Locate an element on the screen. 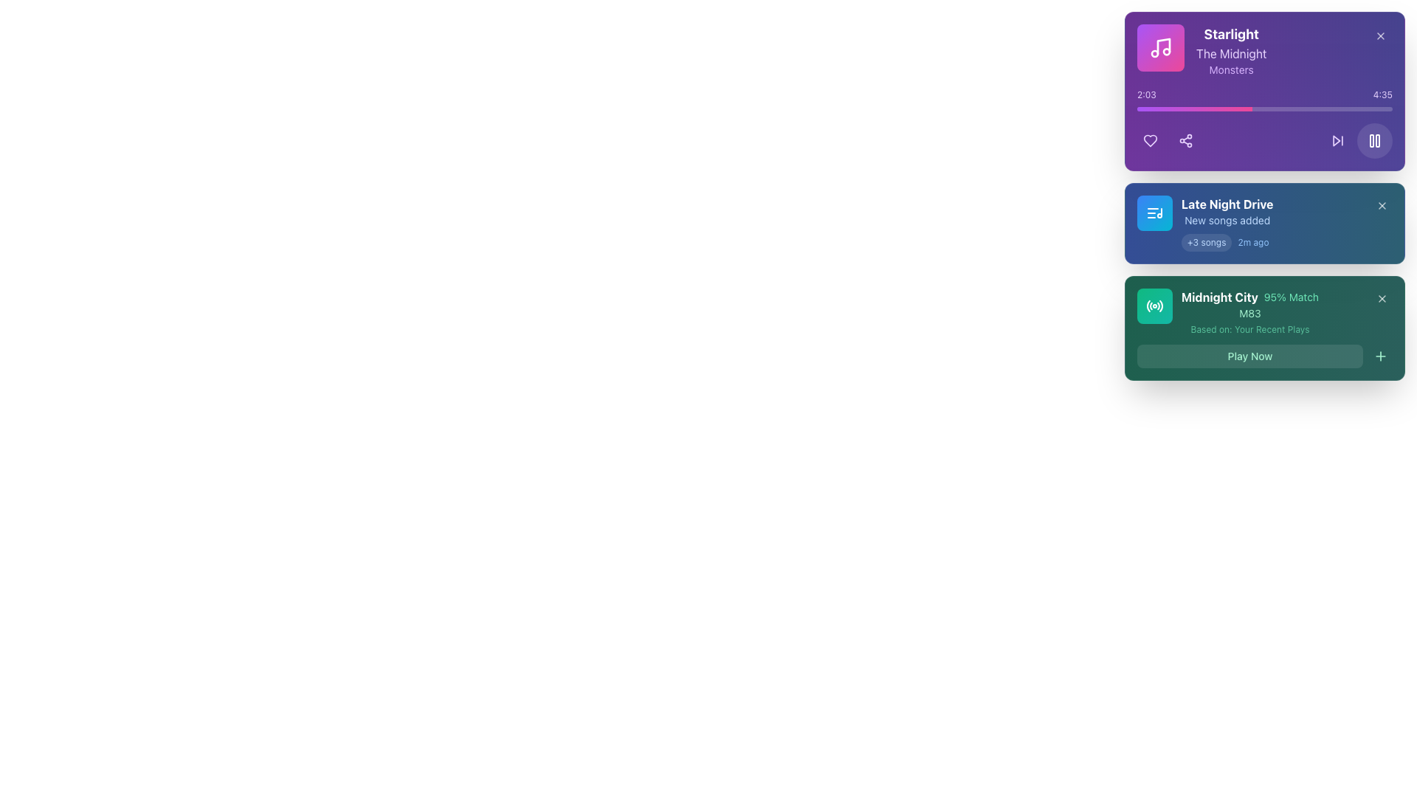 The image size is (1417, 797). the small circular share icon with a purple hue located at the top-right part of the interface, right of the progress bar and playback controls within the 'Starlight' purple card is located at coordinates (1186, 141).